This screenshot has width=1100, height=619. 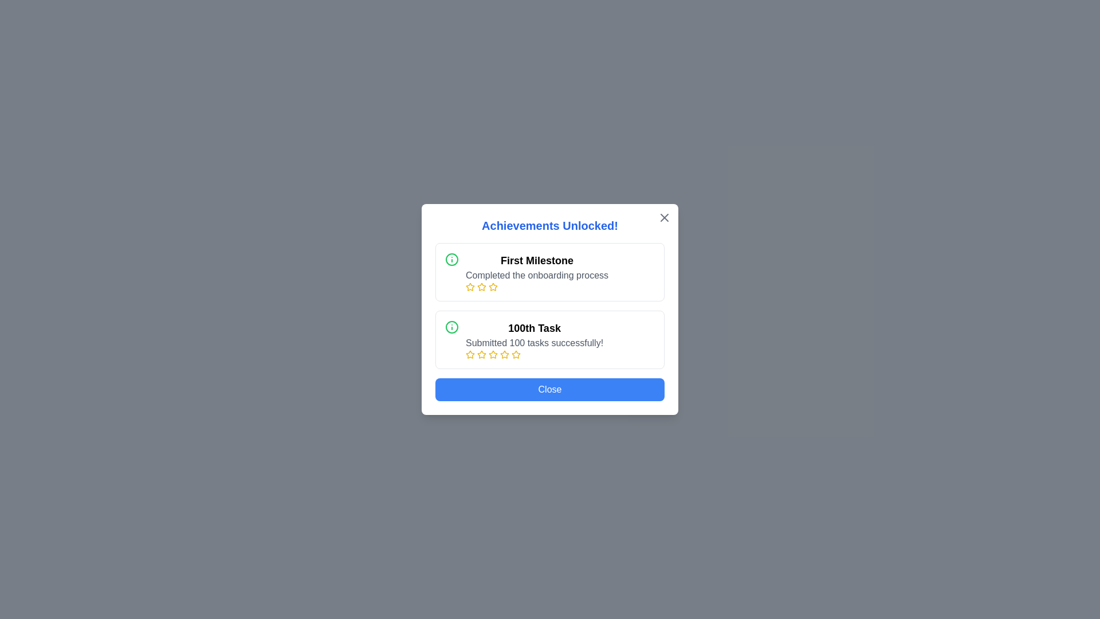 I want to click on the text block that provides descriptive information about the 'First Milestone', so click(x=536, y=276).